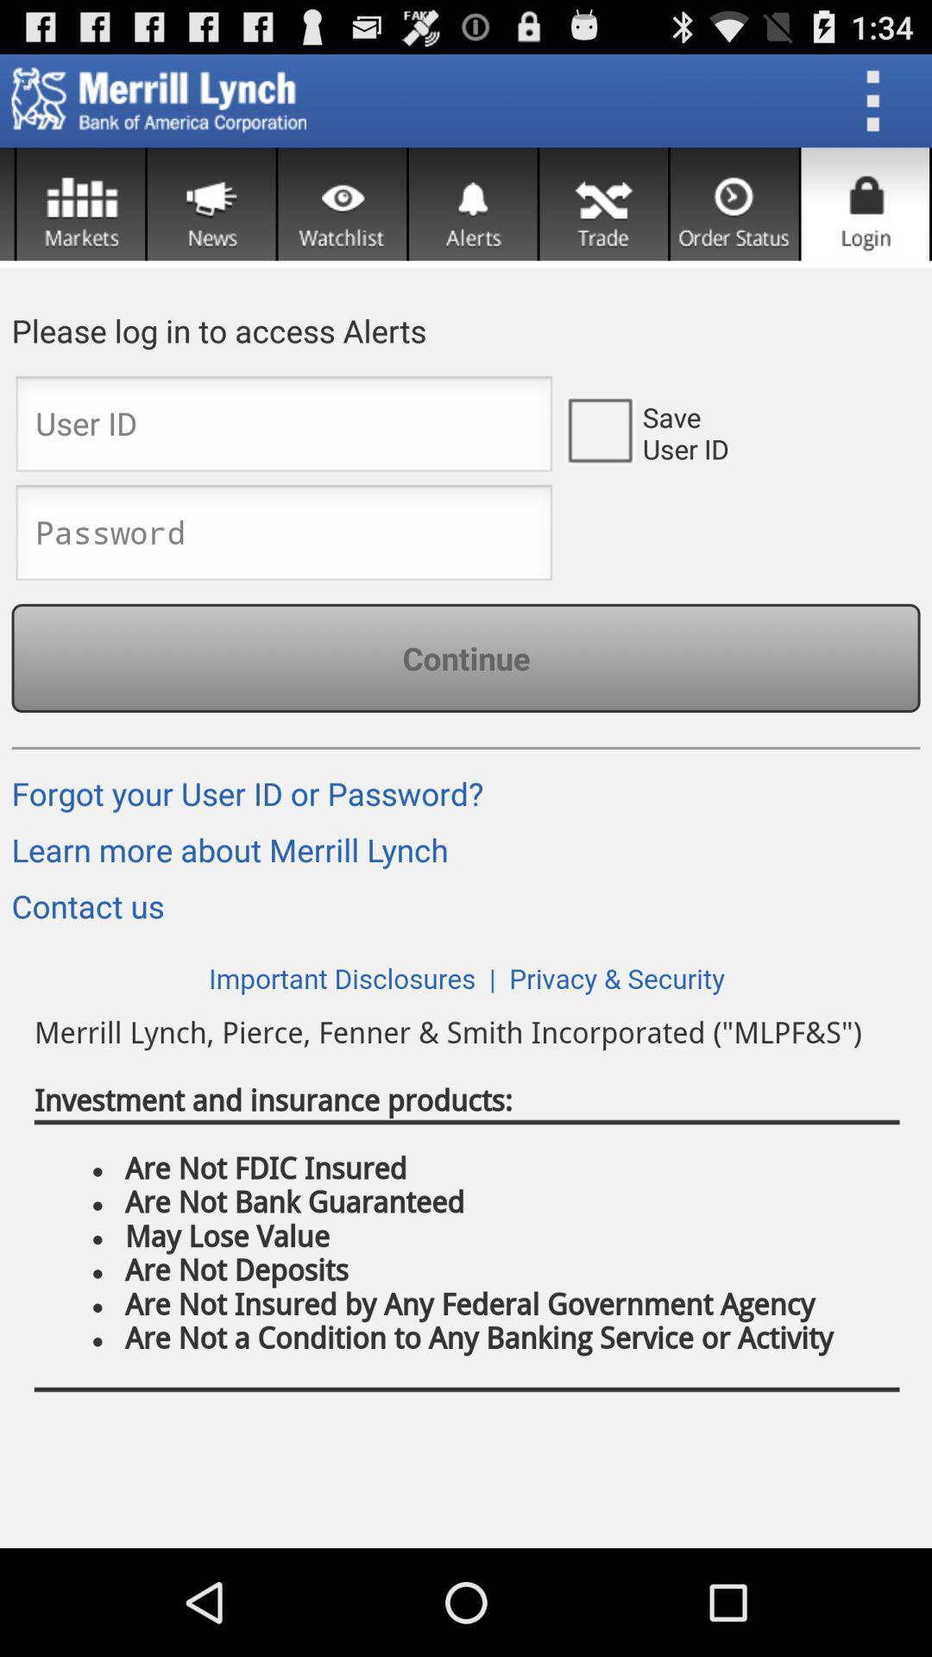  What do you see at coordinates (473, 204) in the screenshot?
I see `bell button` at bounding box center [473, 204].